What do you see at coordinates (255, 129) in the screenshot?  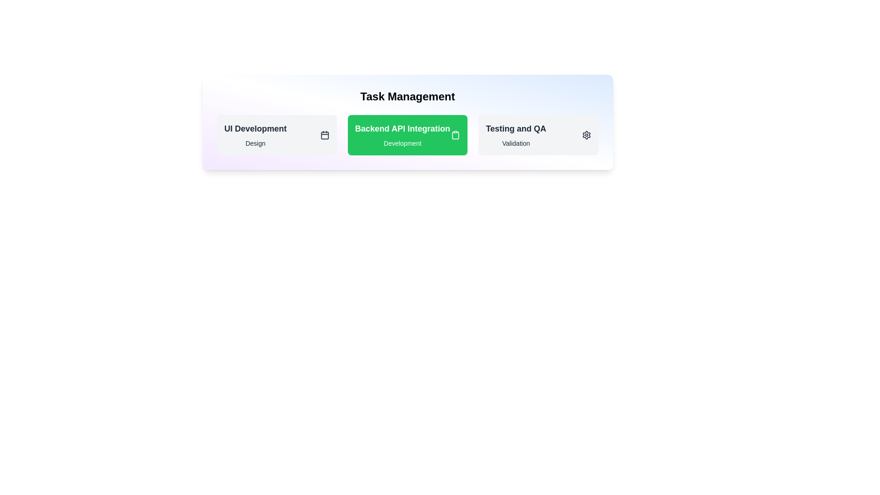 I see `the task details for the task with title 'UI Development'` at bounding box center [255, 129].